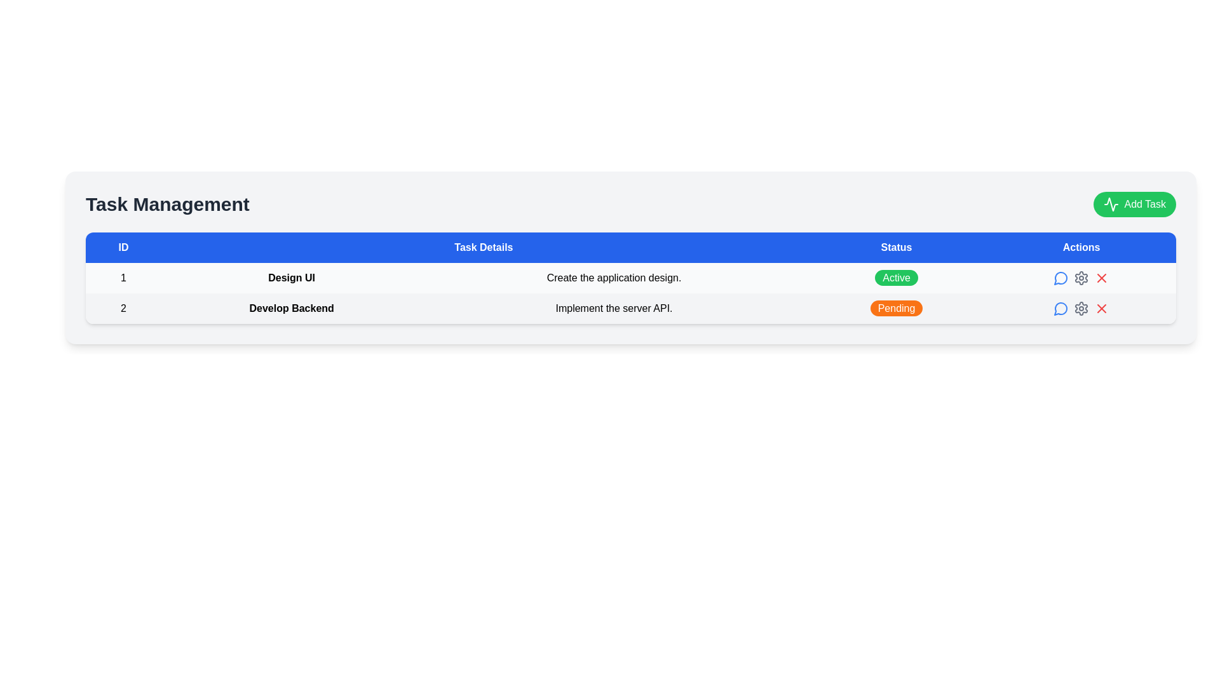  What do you see at coordinates (1081, 247) in the screenshot?
I see `the static text header for the 'Actions' column, which is the fourth header in the tabular layout, located to the right of the 'Status' header` at bounding box center [1081, 247].